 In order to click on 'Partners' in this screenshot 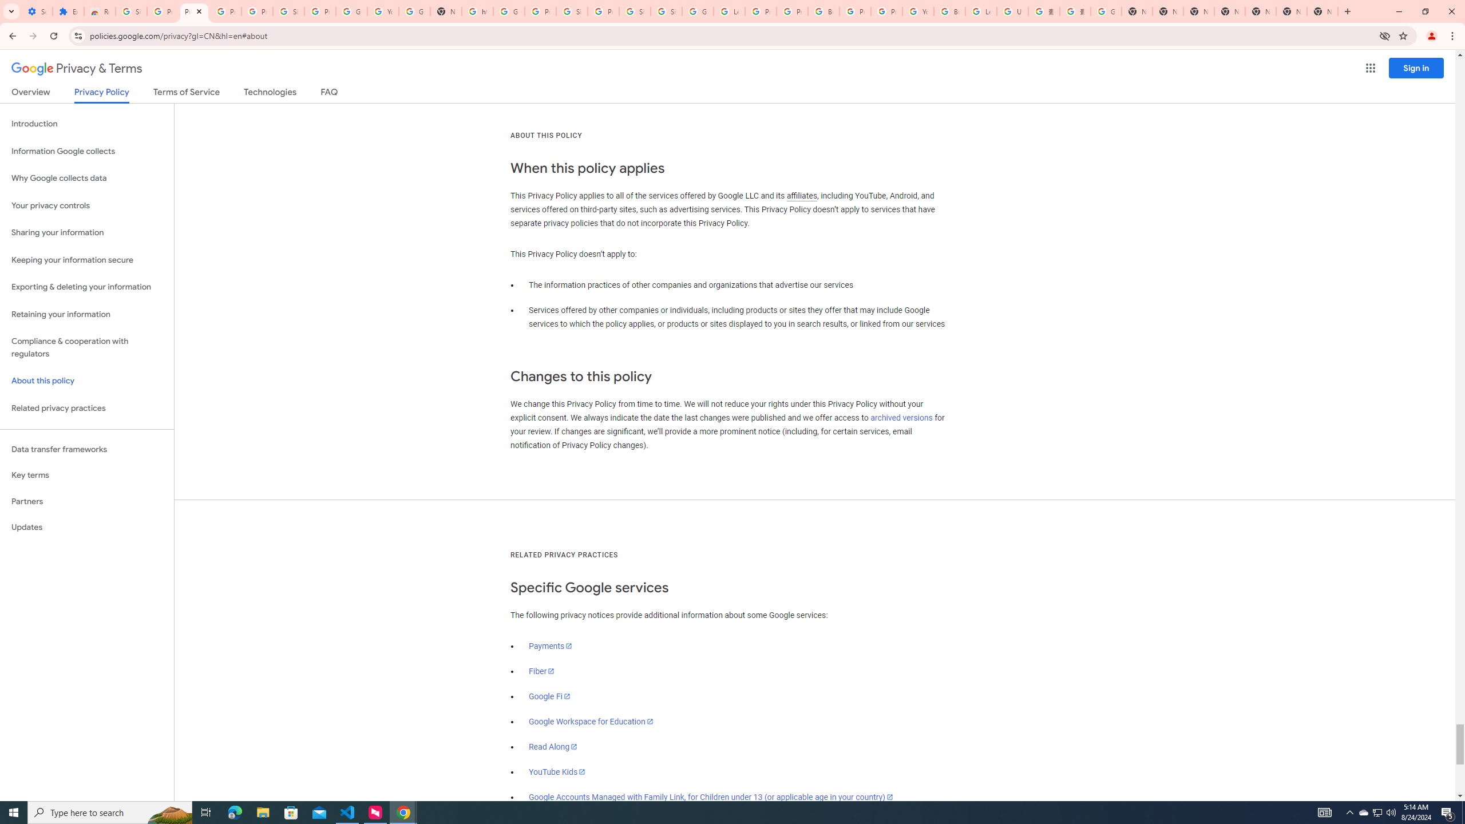, I will do `click(86, 501)`.